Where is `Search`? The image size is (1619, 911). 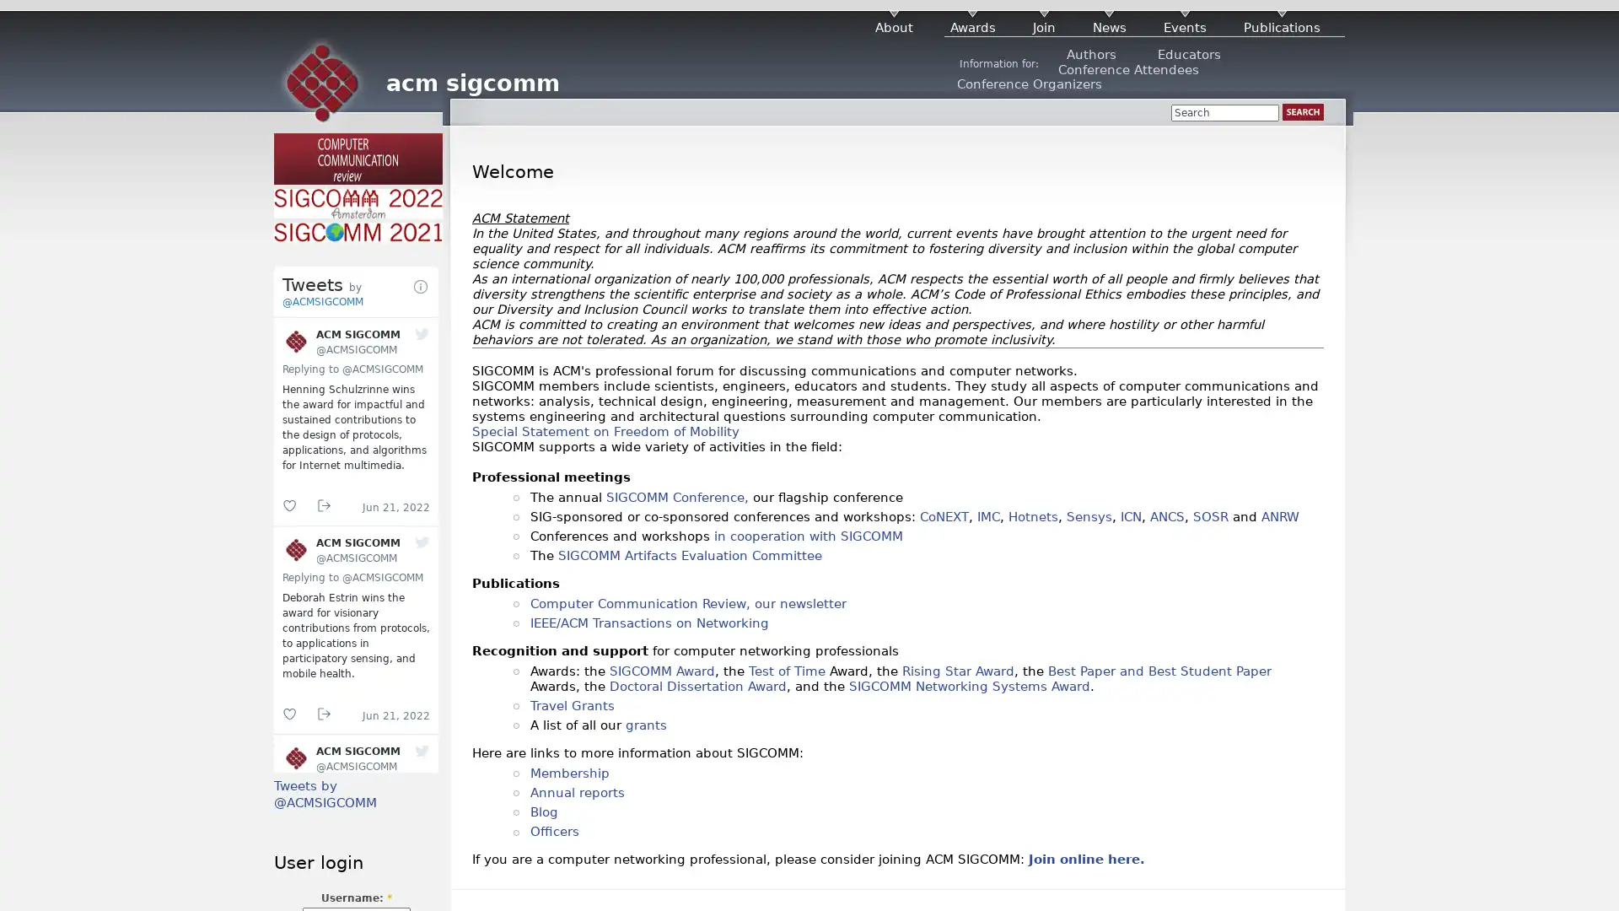 Search is located at coordinates (1302, 111).